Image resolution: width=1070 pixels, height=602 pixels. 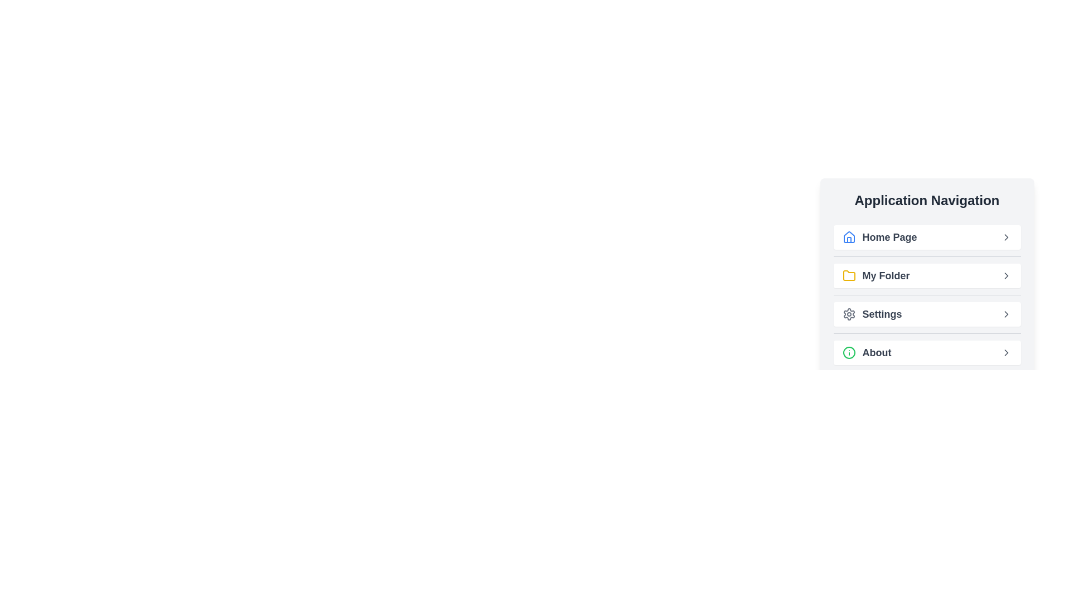 What do you see at coordinates (927, 200) in the screenshot?
I see `the static text header located at the top of the vertical navigation panel, which serves as the title for the panel and is centered horizontally above the buttons labeled 'Home Page,' 'My Folder,' 'Settings,' and 'About.'` at bounding box center [927, 200].